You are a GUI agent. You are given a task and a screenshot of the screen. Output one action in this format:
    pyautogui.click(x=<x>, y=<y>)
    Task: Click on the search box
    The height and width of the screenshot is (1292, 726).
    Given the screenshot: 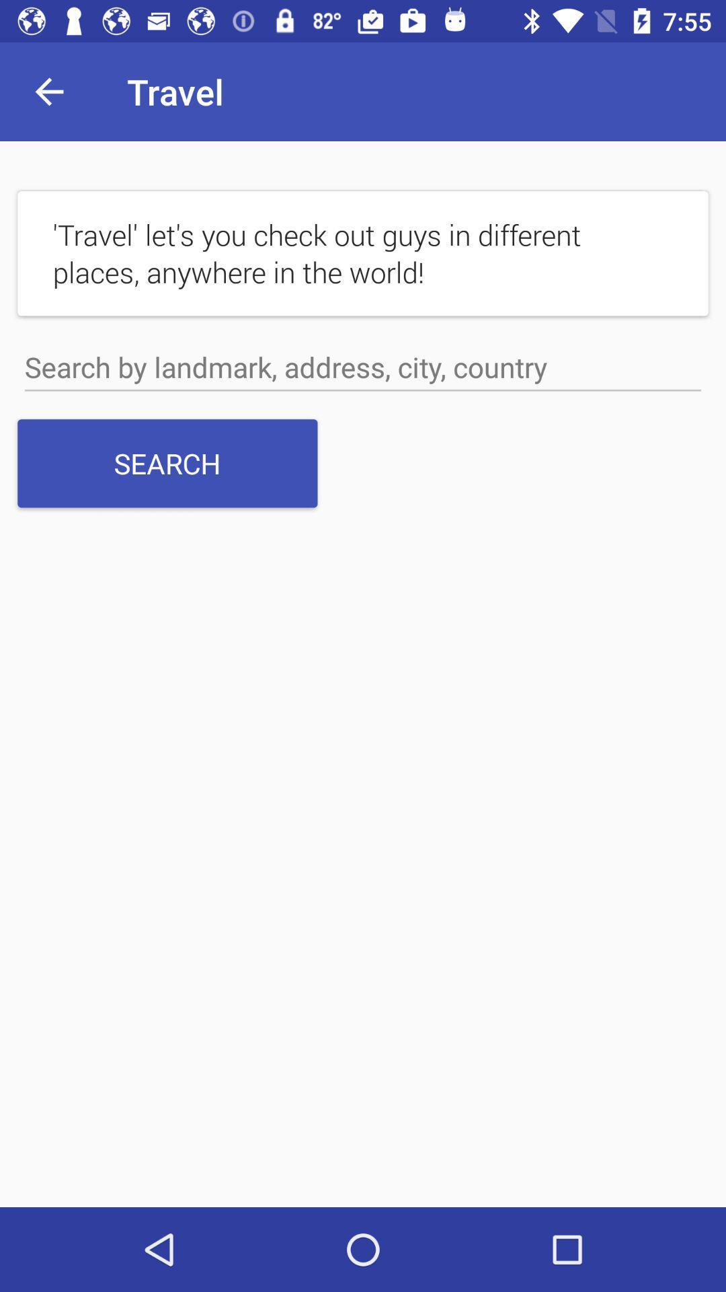 What is the action you would take?
    pyautogui.click(x=363, y=367)
    